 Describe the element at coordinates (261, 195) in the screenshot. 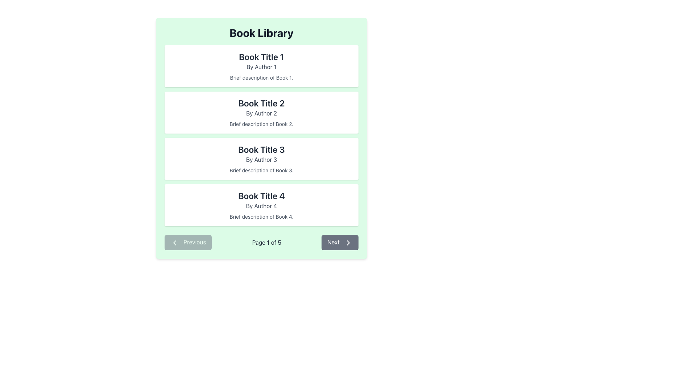

I see `the static text display showing 'Book Title 4', which is styled in a bold, large font and located at the upper center of the fourth rectangular card in the list of books` at that location.